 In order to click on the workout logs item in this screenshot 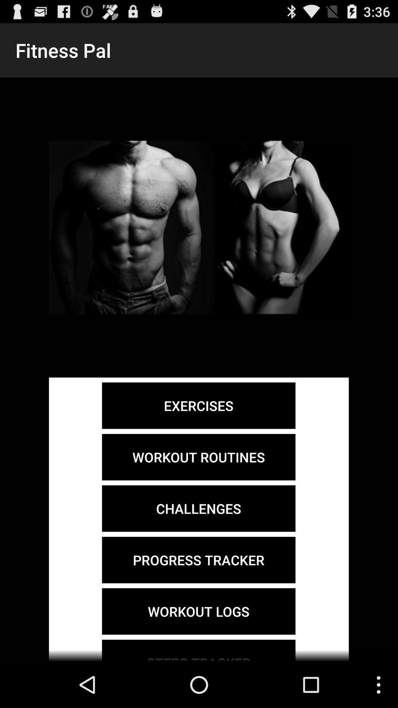, I will do `click(198, 611)`.